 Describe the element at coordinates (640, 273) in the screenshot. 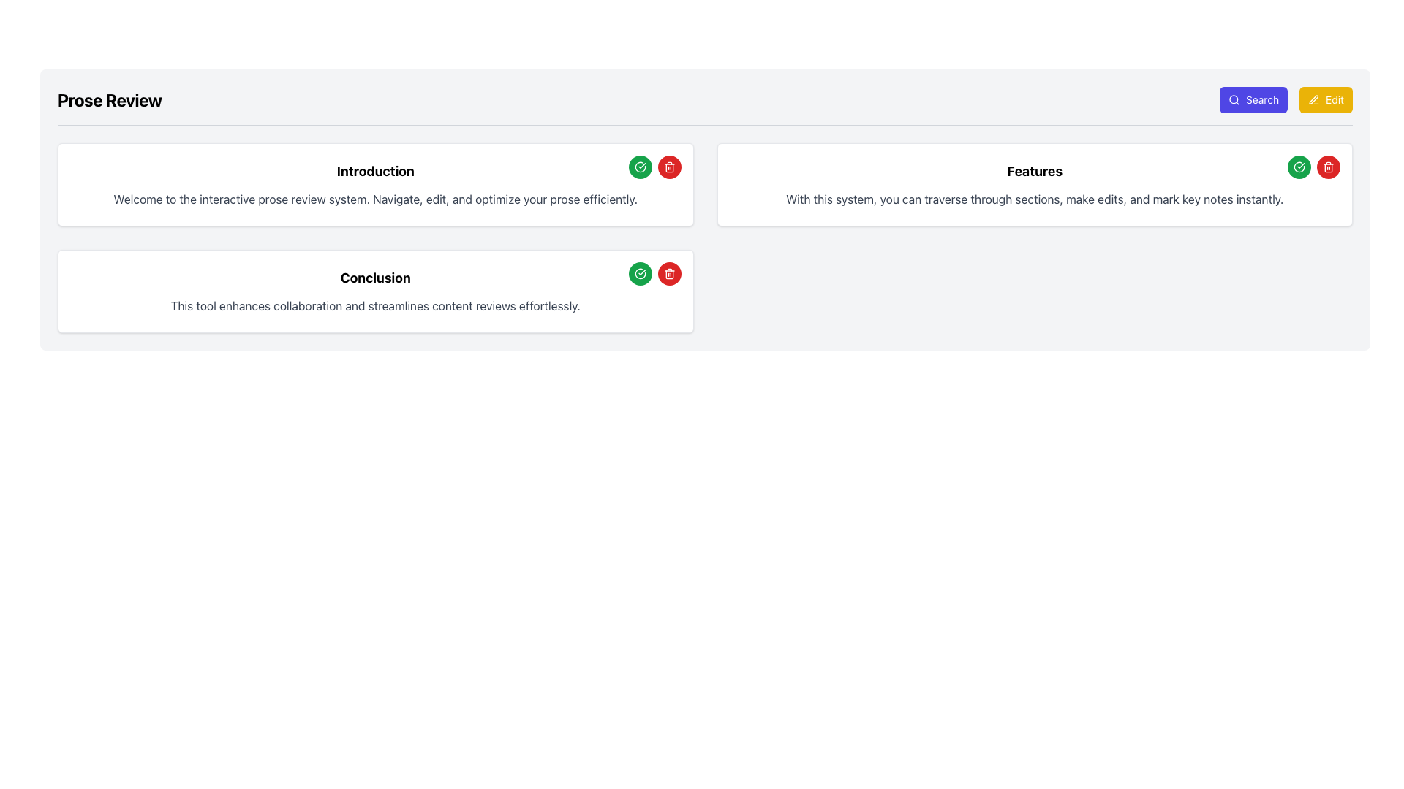

I see `the circular icon with a checkmark located in the top-right quadrant of the 'Introduction' section` at that location.